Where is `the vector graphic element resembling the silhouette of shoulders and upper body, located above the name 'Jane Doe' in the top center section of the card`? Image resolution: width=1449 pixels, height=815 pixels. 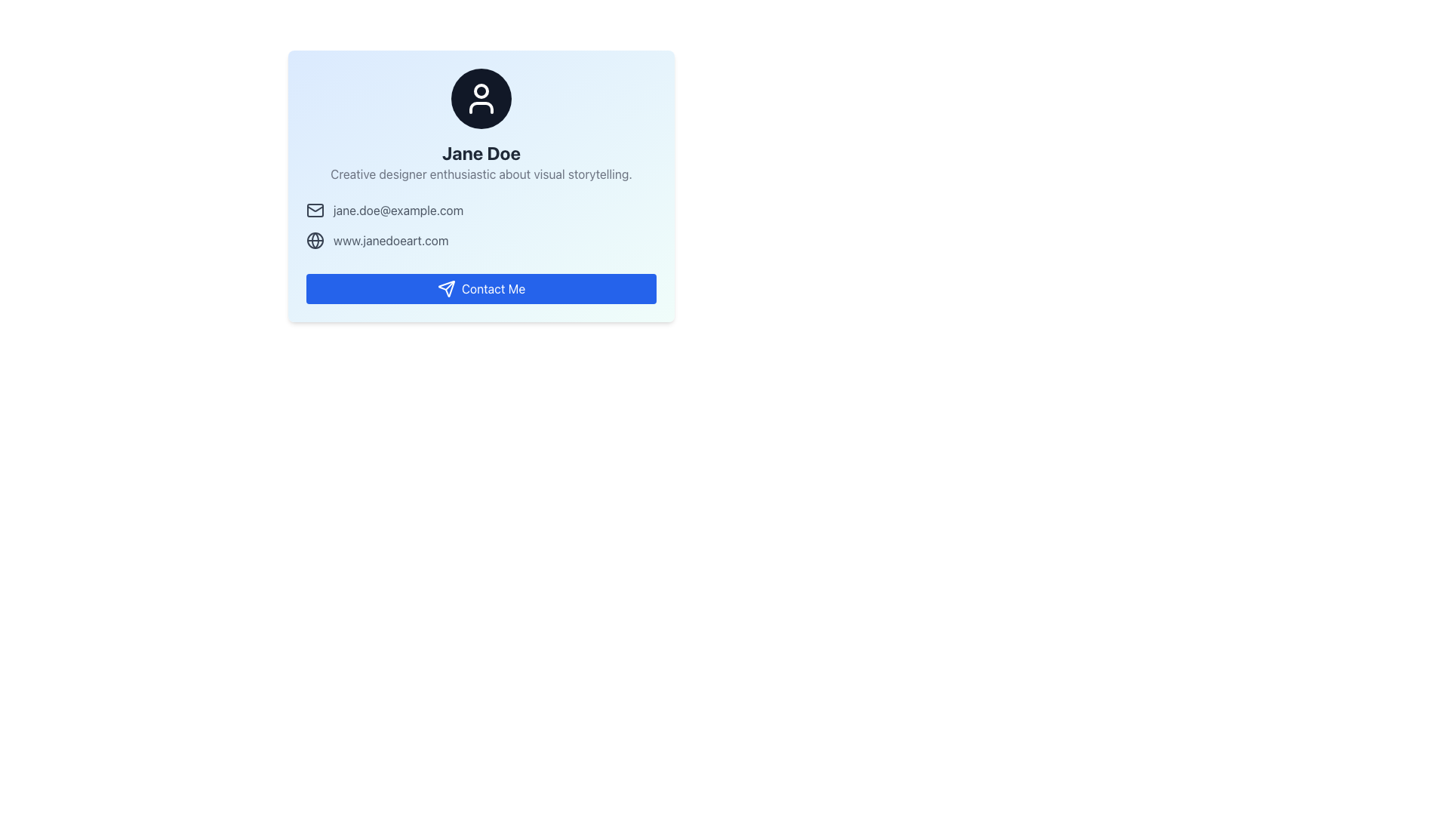 the vector graphic element resembling the silhouette of shoulders and upper body, located above the name 'Jane Doe' in the top center section of the card is located at coordinates (481, 106).